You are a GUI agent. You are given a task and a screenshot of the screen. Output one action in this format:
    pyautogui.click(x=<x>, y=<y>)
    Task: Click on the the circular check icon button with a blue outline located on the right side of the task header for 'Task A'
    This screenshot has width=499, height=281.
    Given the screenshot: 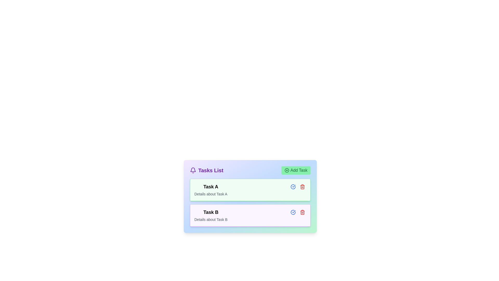 What is the action you would take?
    pyautogui.click(x=293, y=186)
    